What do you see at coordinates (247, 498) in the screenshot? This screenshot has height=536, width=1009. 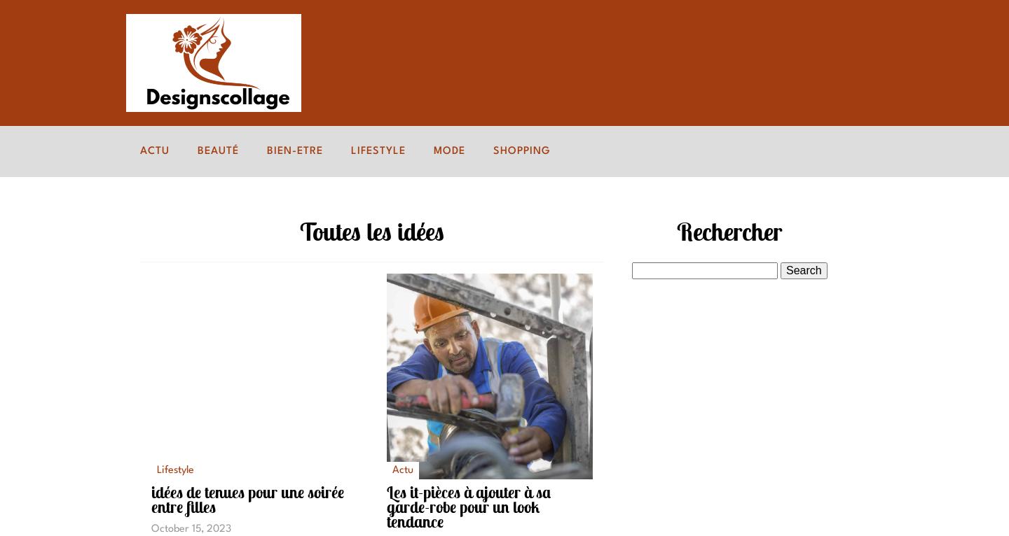 I see `'idées de tenues pour une soirée entre filles'` at bounding box center [247, 498].